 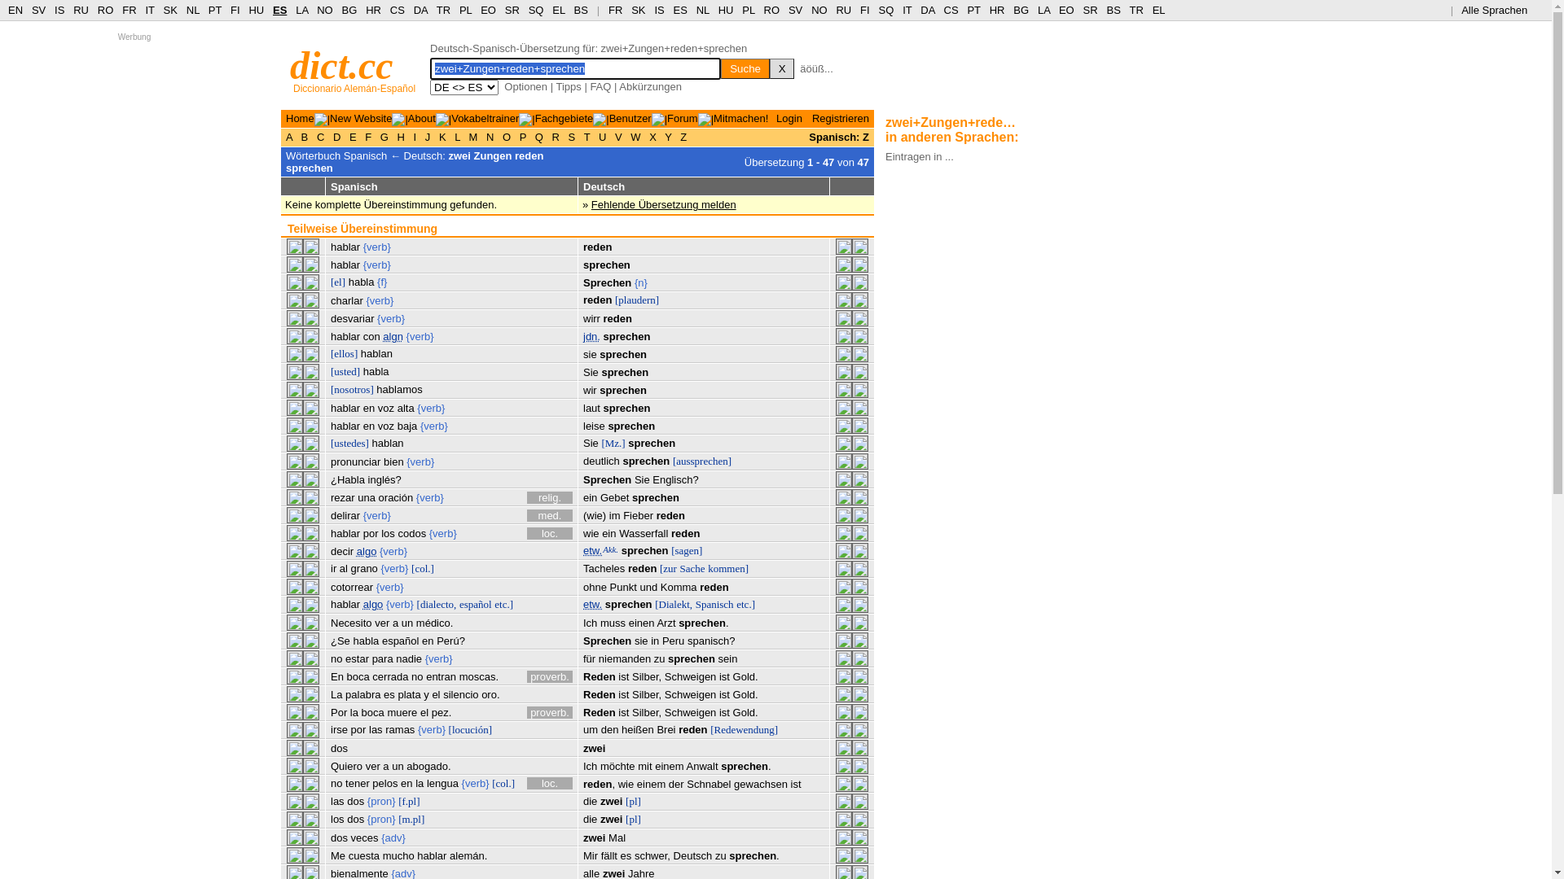 What do you see at coordinates (660, 658) in the screenshot?
I see `'zu'` at bounding box center [660, 658].